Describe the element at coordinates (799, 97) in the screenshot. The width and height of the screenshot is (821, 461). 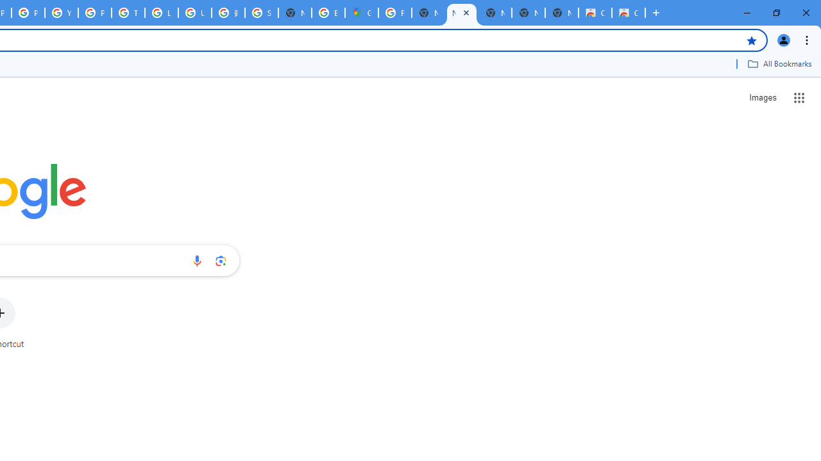
I see `'Google apps'` at that location.